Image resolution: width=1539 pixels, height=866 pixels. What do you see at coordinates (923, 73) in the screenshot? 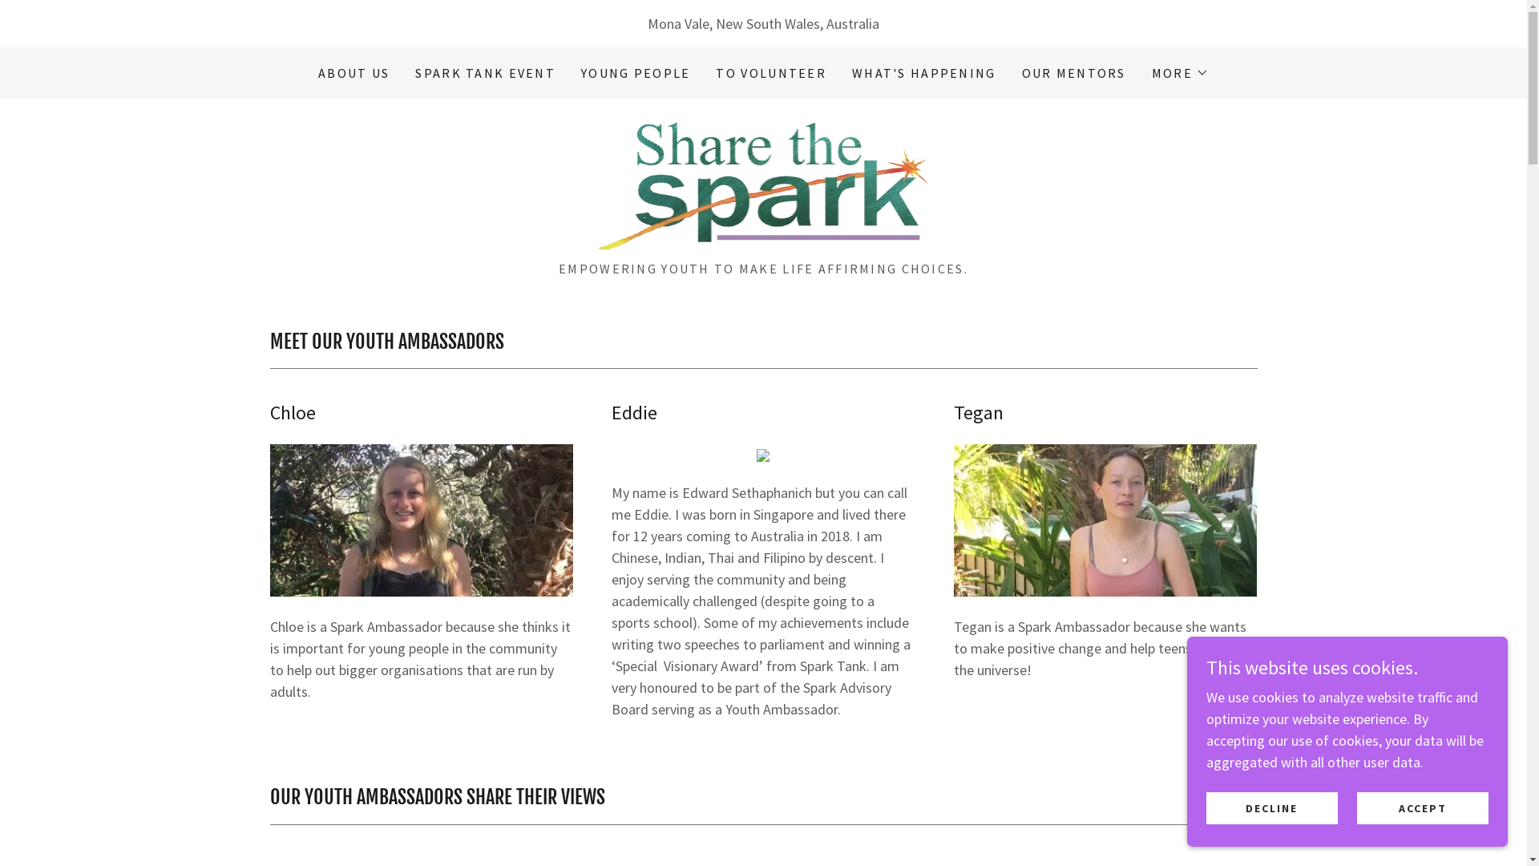
I see `'WHAT'S HAPPENING'` at bounding box center [923, 73].